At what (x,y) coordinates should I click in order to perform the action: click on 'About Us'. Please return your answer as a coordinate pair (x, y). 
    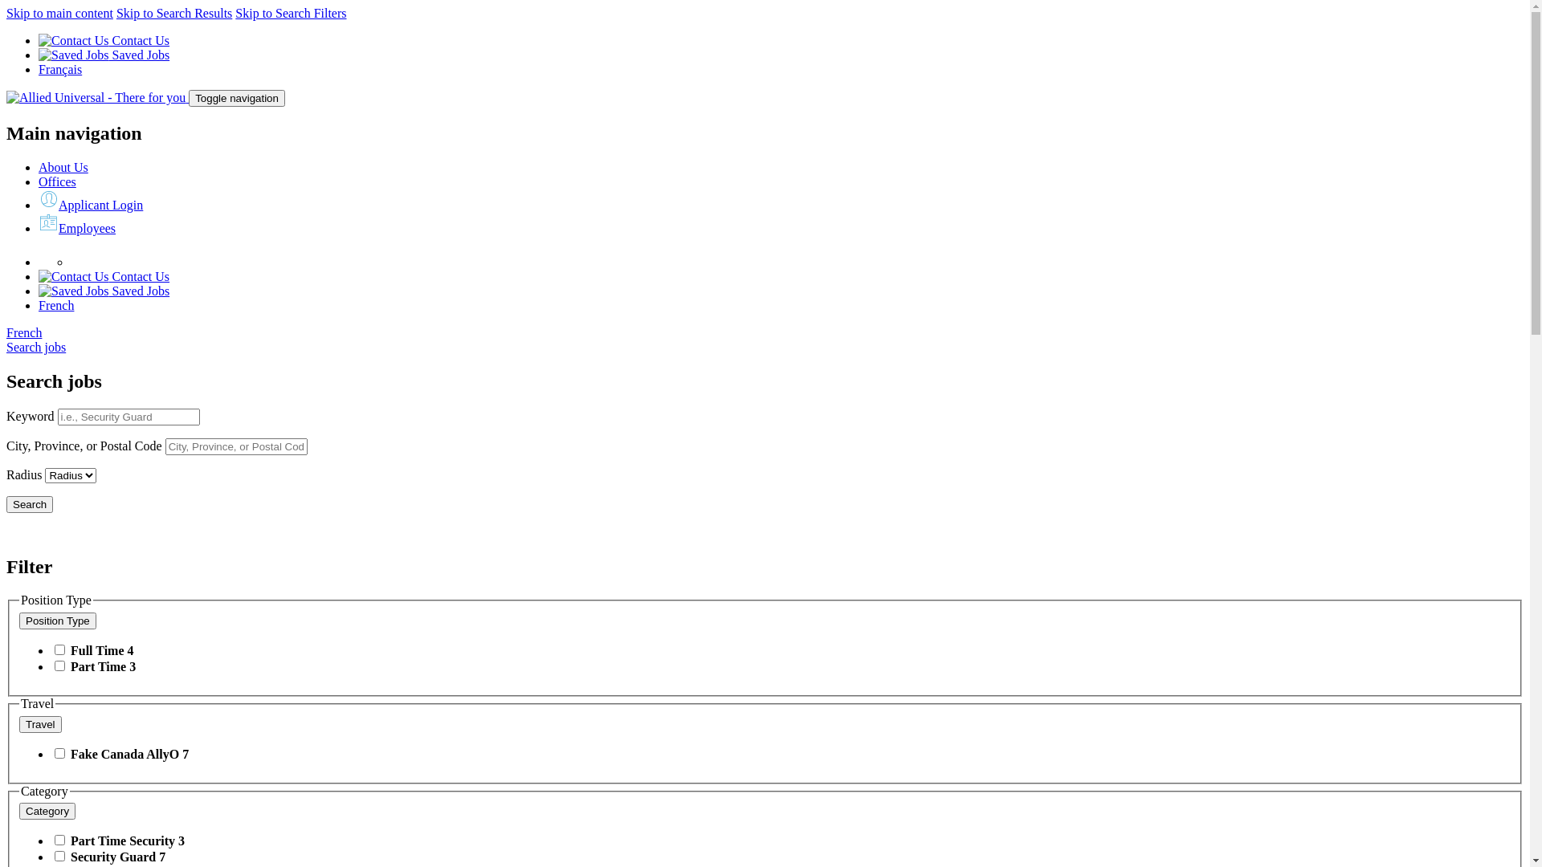
    Looking at the image, I should click on (63, 167).